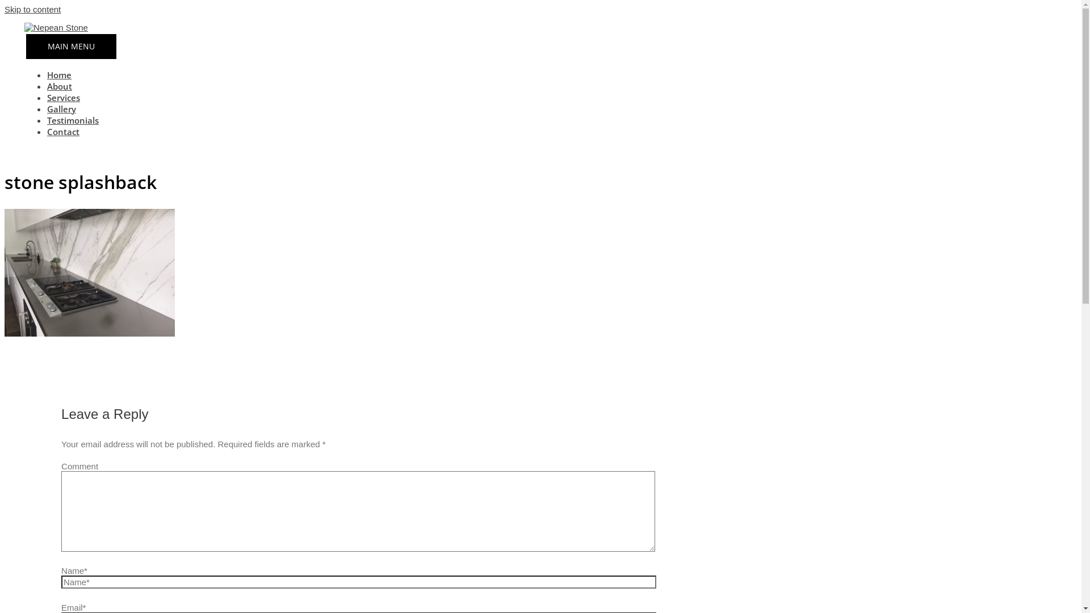  Describe the element at coordinates (61, 109) in the screenshot. I see `'Gallery'` at that location.